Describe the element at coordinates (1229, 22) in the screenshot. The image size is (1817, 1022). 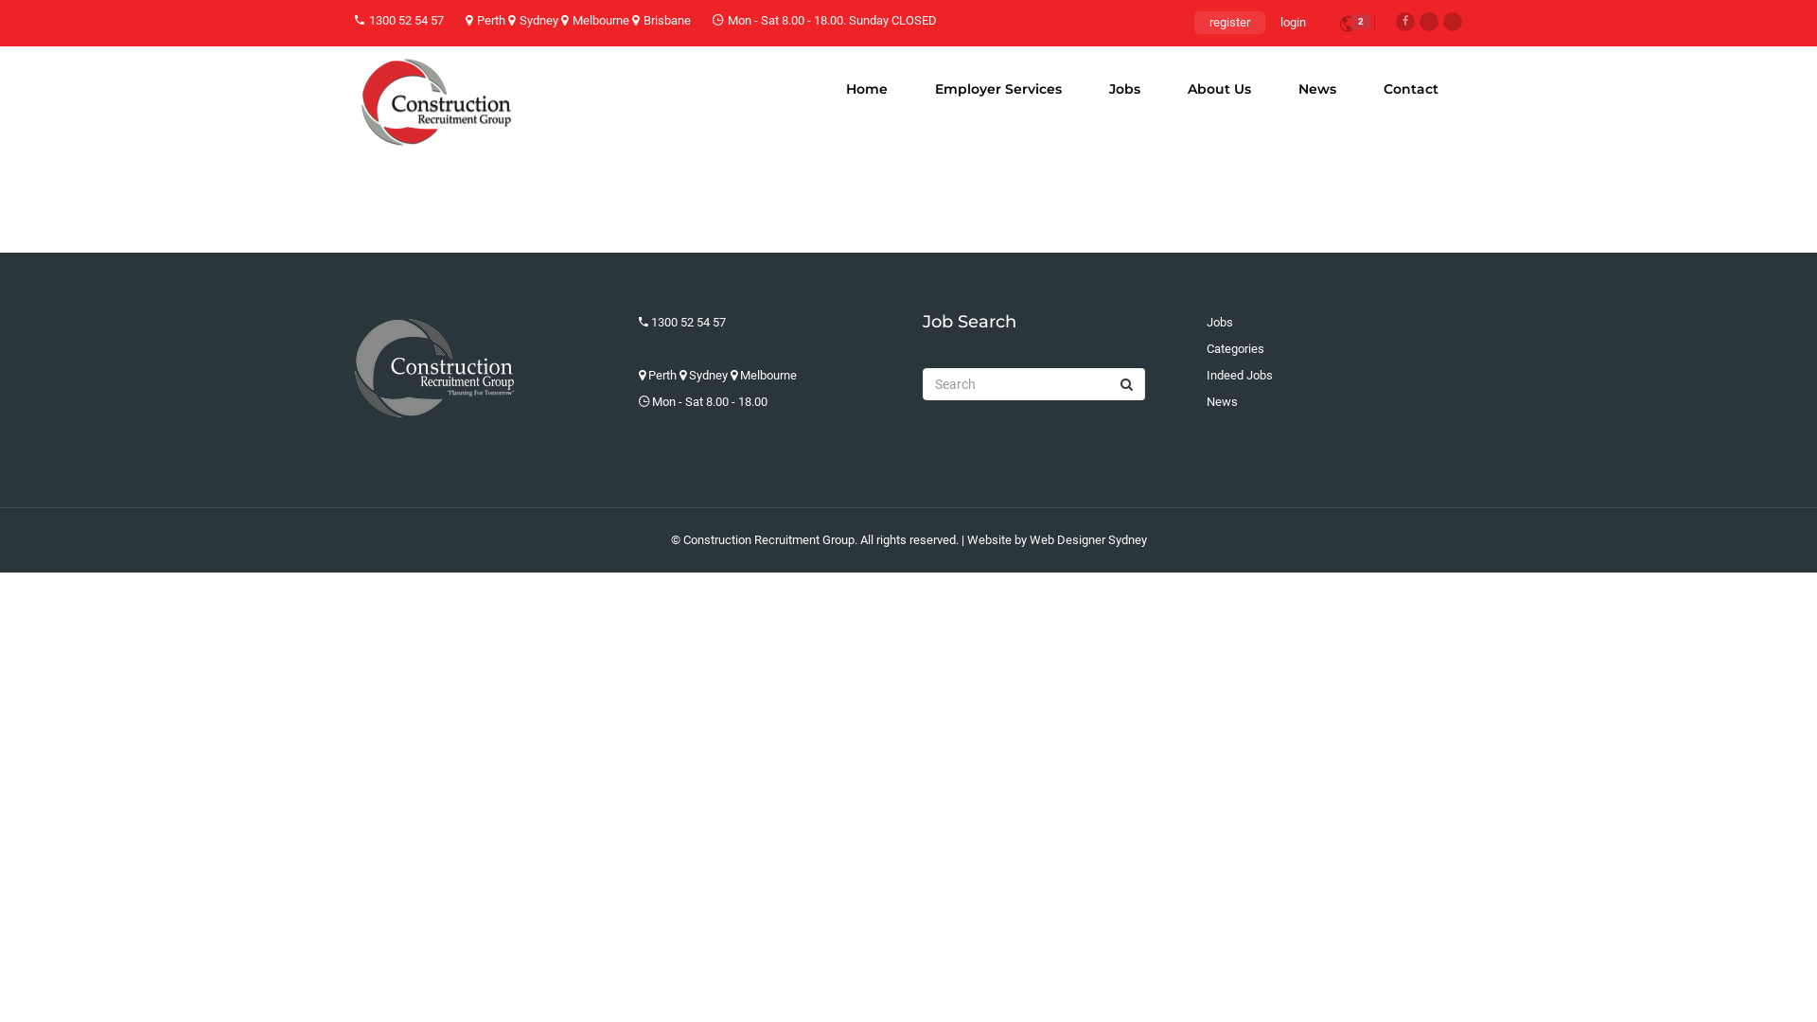
I see `'register'` at that location.